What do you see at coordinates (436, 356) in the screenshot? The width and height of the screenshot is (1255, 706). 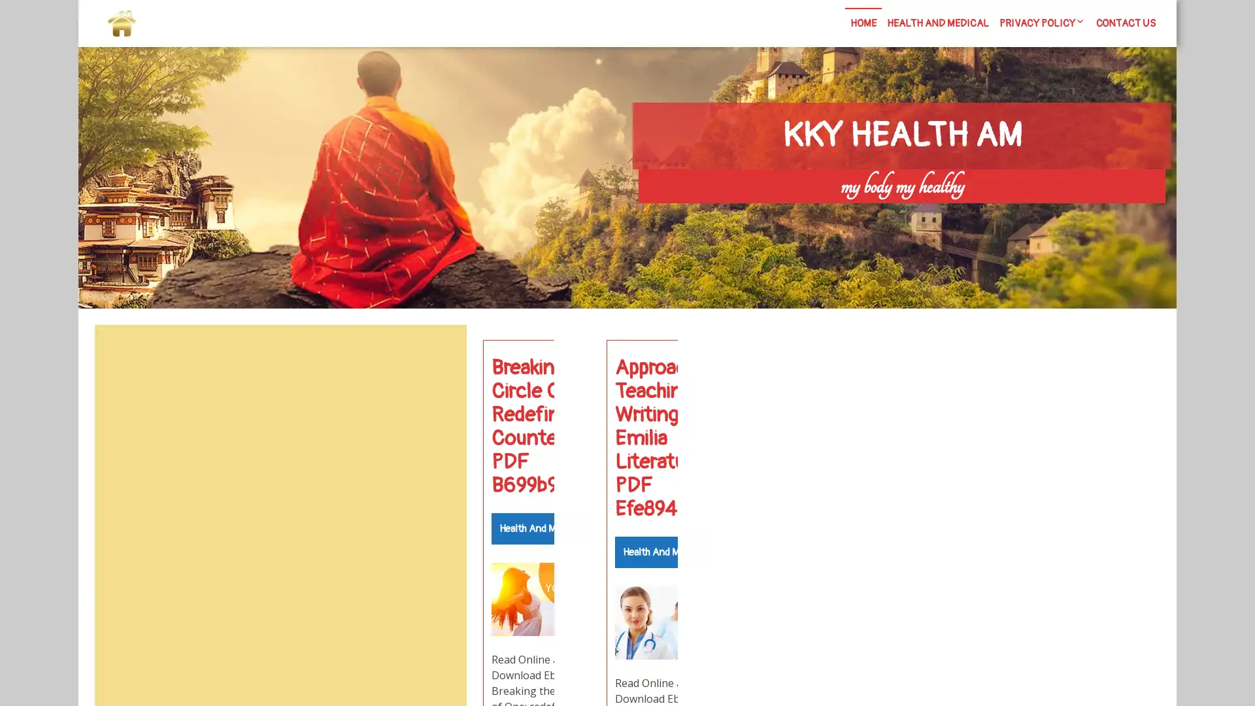 I see `Search` at bounding box center [436, 356].